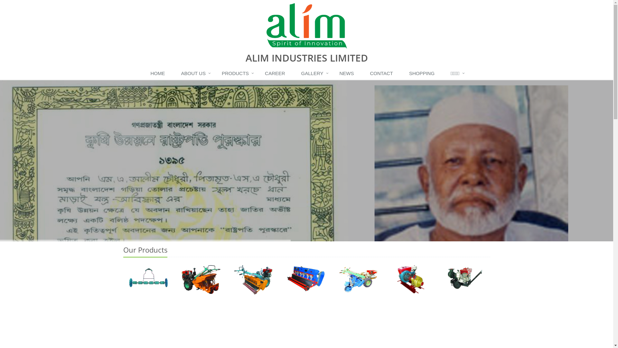  Describe the element at coordinates (423, 73) in the screenshot. I see `'SHOPPING'` at that location.